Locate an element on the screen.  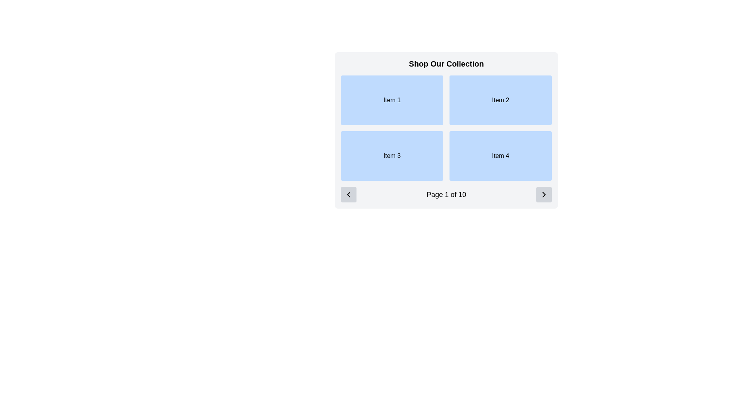
the 'Shop Our Collection' header text, which is bold and prominently displayed at the top of the section with a light gray background is located at coordinates (446, 63).